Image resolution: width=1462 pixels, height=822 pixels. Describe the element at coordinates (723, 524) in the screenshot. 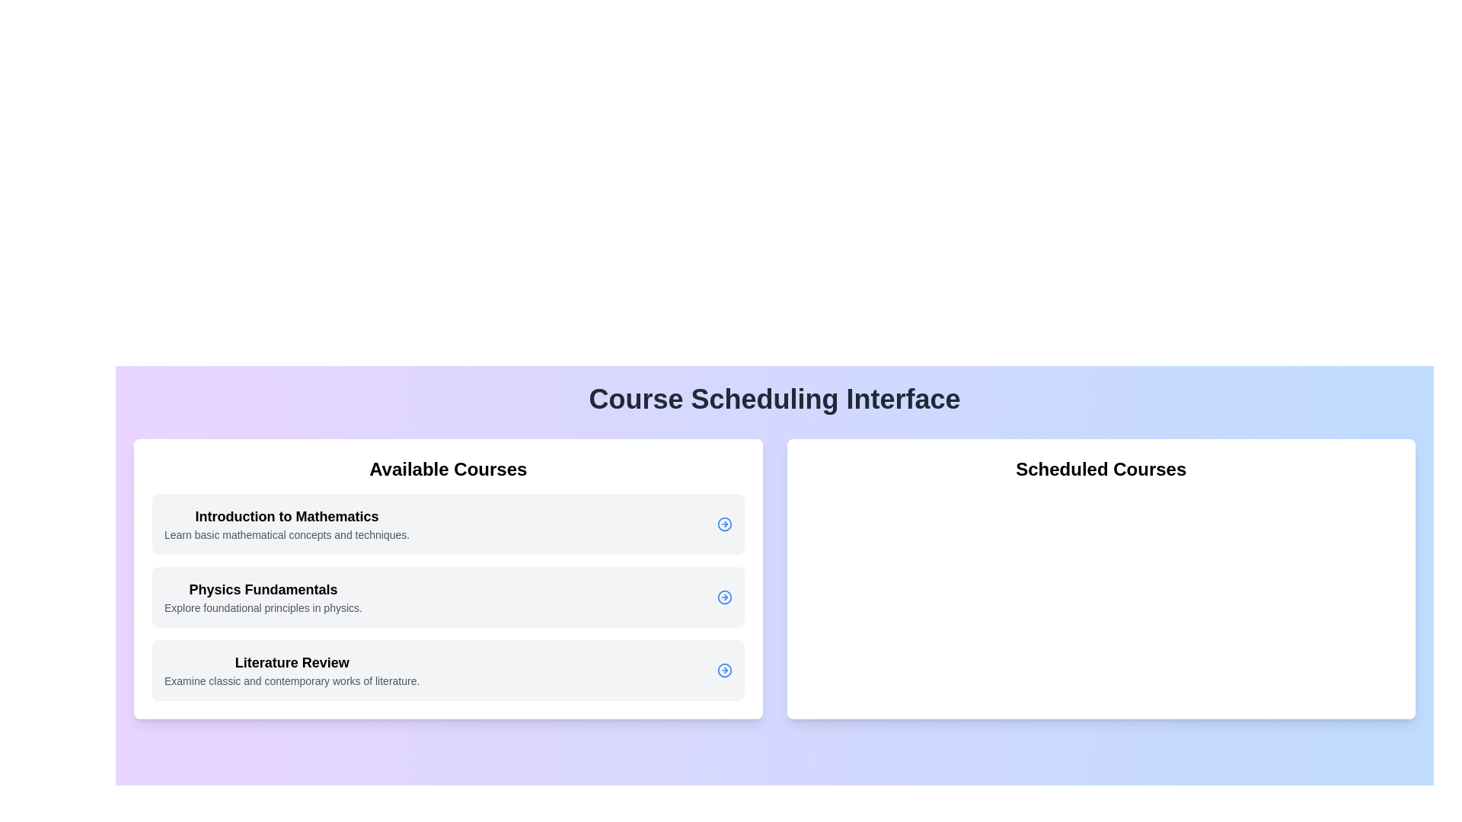

I see `the circular arrow icon pointing right, which is a blue-outlined circle located at the top-right corner of the 'Introduction to Mathematics' course card` at that location.